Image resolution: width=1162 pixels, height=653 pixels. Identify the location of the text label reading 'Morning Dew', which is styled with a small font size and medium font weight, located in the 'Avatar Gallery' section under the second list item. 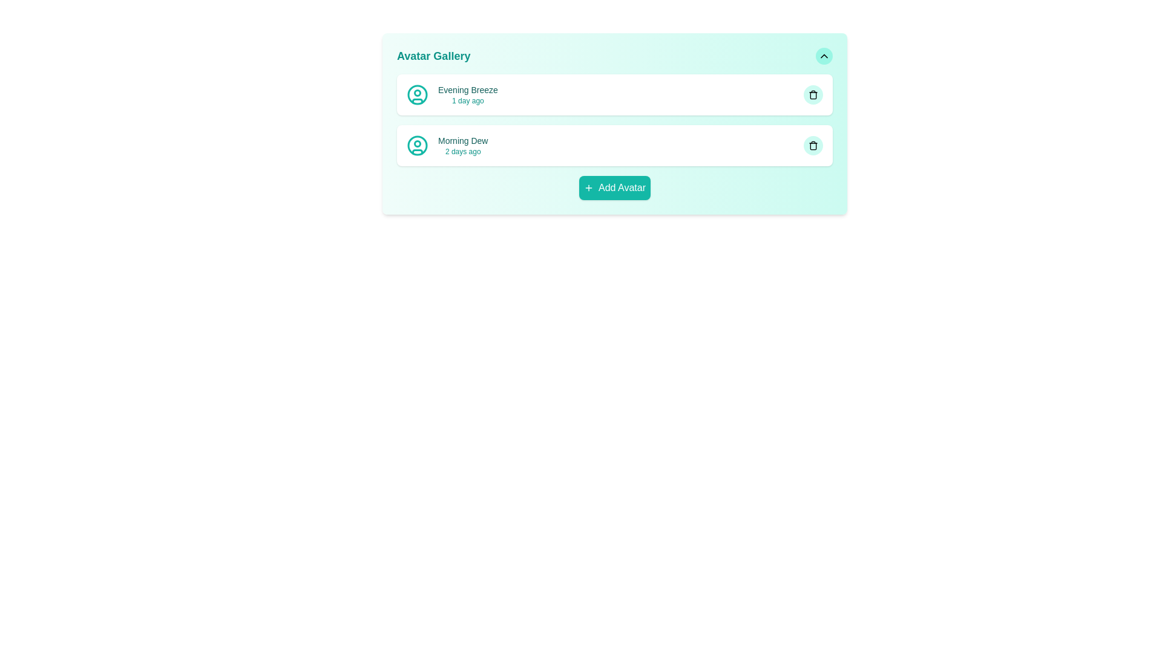
(462, 140).